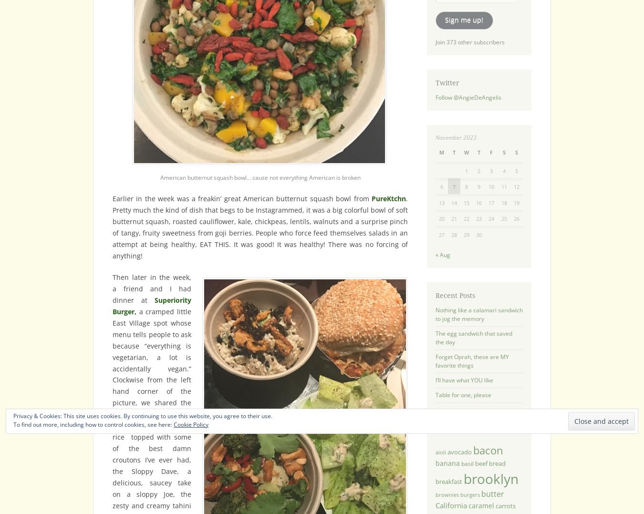  What do you see at coordinates (435, 337) in the screenshot?
I see `'The egg sandwich that saved the day'` at bounding box center [435, 337].